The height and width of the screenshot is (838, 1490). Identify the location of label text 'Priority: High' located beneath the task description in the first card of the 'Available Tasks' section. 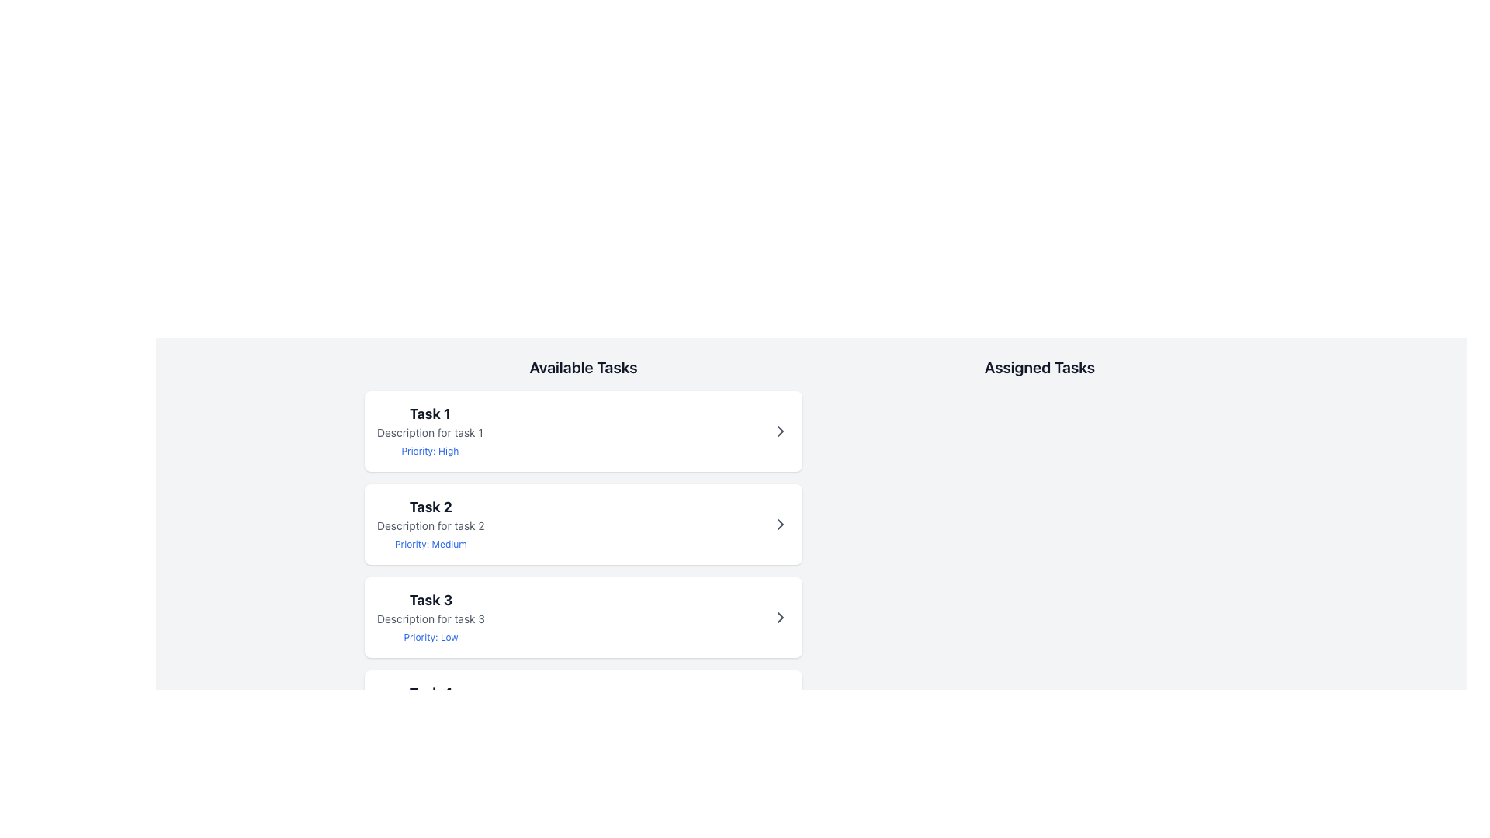
(430, 451).